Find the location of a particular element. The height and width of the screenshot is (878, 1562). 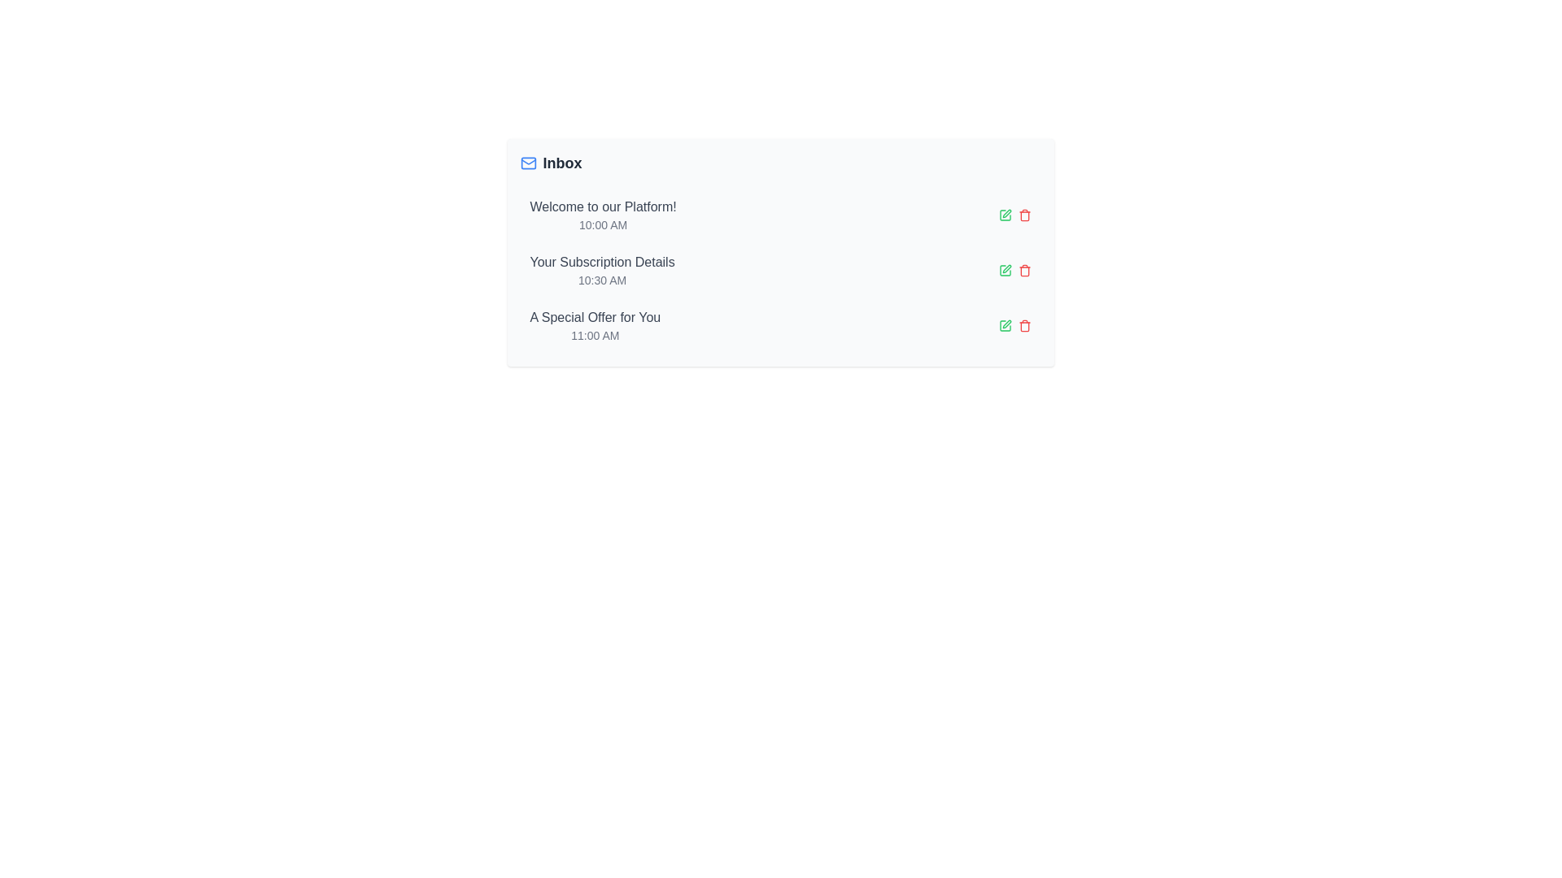

the edit icon located at the right-most side of the second list item in the interface, which functions as a visual indicator for editing the associated item is located at coordinates (1004, 269).